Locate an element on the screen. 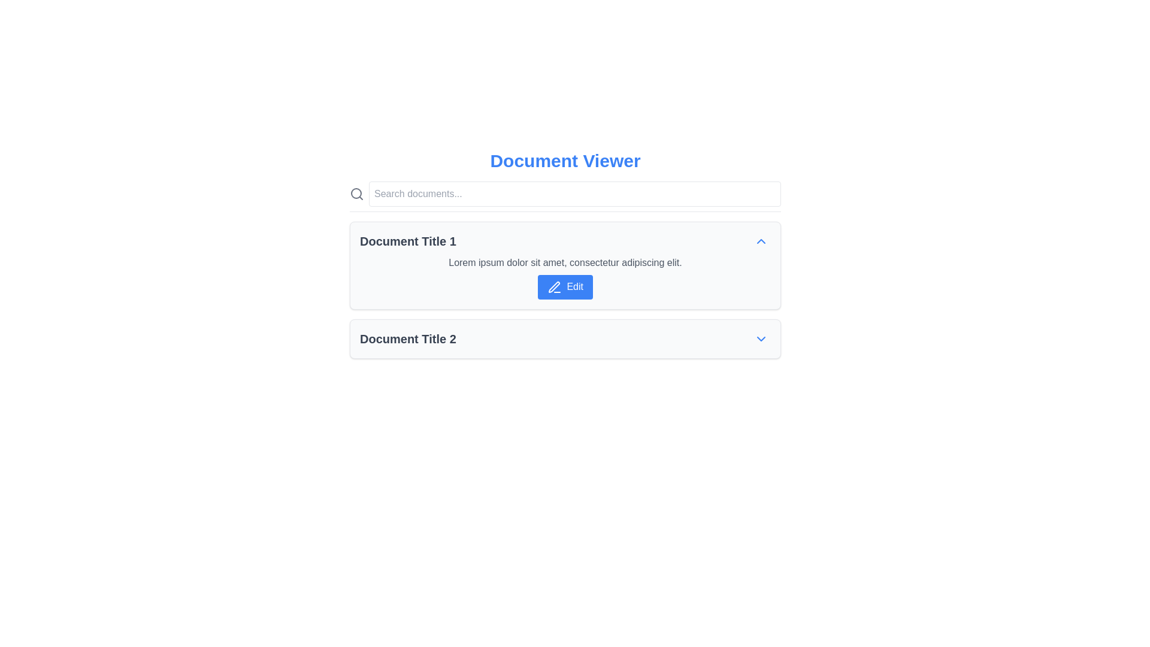  the Dropdown toggle icon, which is a downward-pointing chevron with a thin blue outline, located within the second document card titled 'Document Title 2.' is located at coordinates (761, 338).